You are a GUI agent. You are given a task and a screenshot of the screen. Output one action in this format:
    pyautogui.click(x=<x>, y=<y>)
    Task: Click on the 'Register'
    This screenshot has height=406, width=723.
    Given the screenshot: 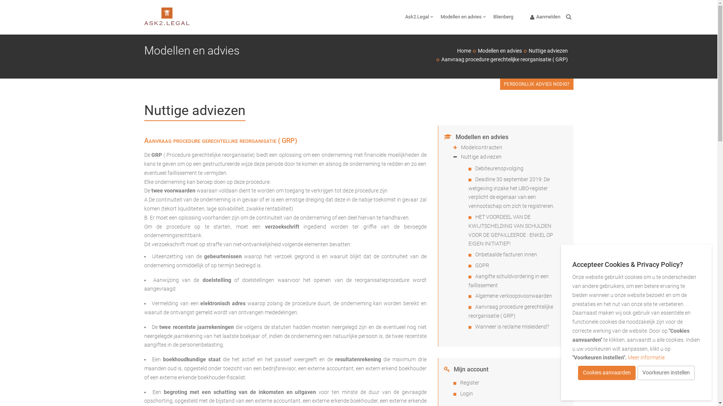 What is the action you would take?
    pyautogui.click(x=469, y=383)
    